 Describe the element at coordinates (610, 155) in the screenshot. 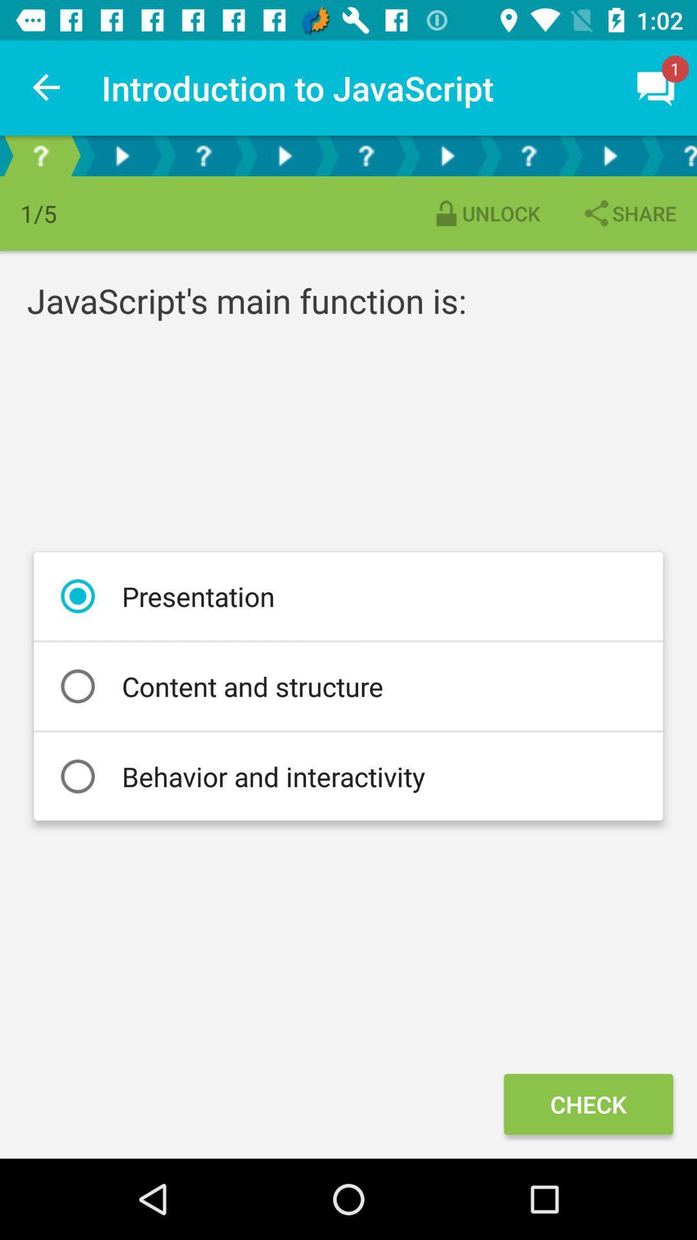

I see `next step` at that location.